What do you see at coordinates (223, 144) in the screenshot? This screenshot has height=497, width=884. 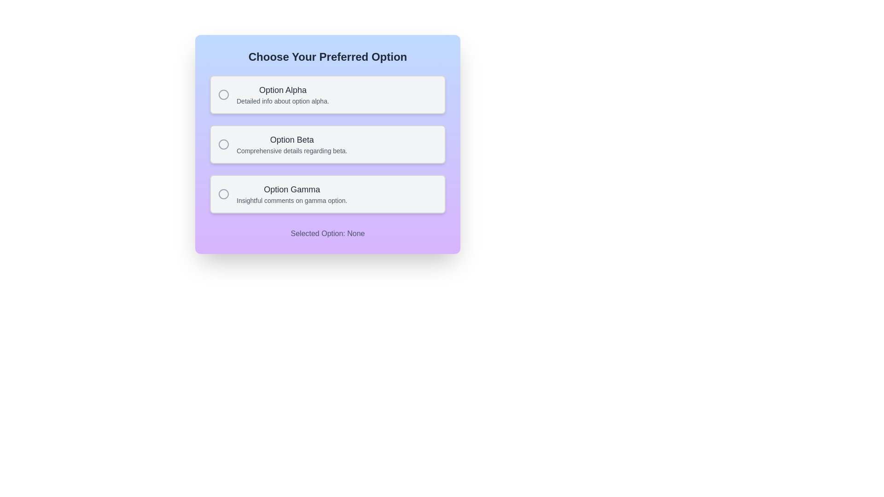 I see `the radio button for 'Option Beta' located in the second row of options` at bounding box center [223, 144].